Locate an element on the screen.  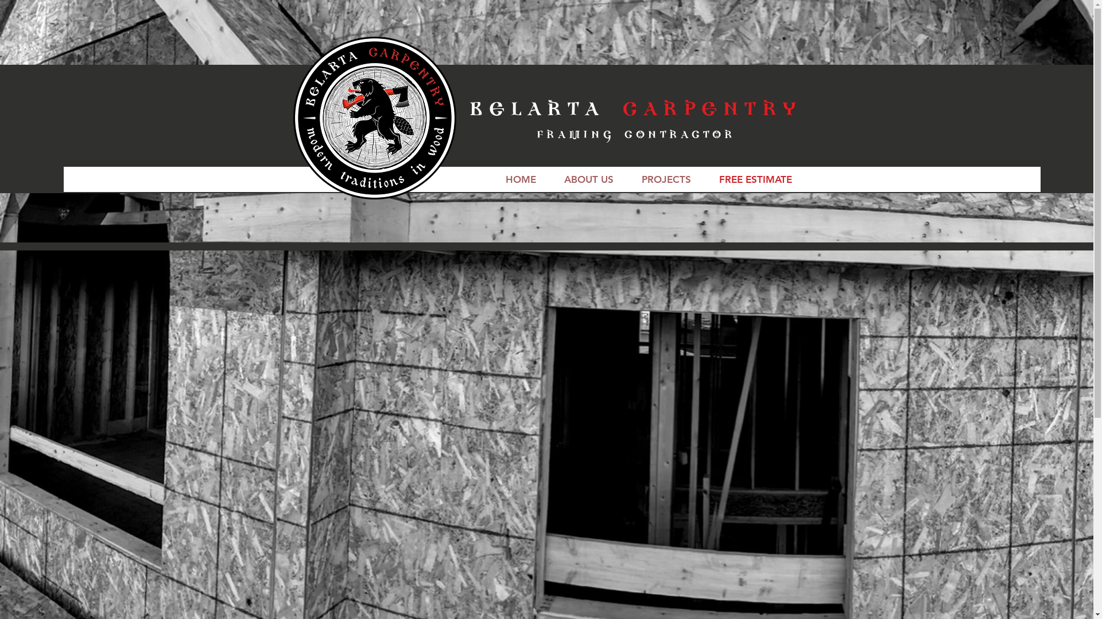
'ABOUT US' is located at coordinates (549, 179).